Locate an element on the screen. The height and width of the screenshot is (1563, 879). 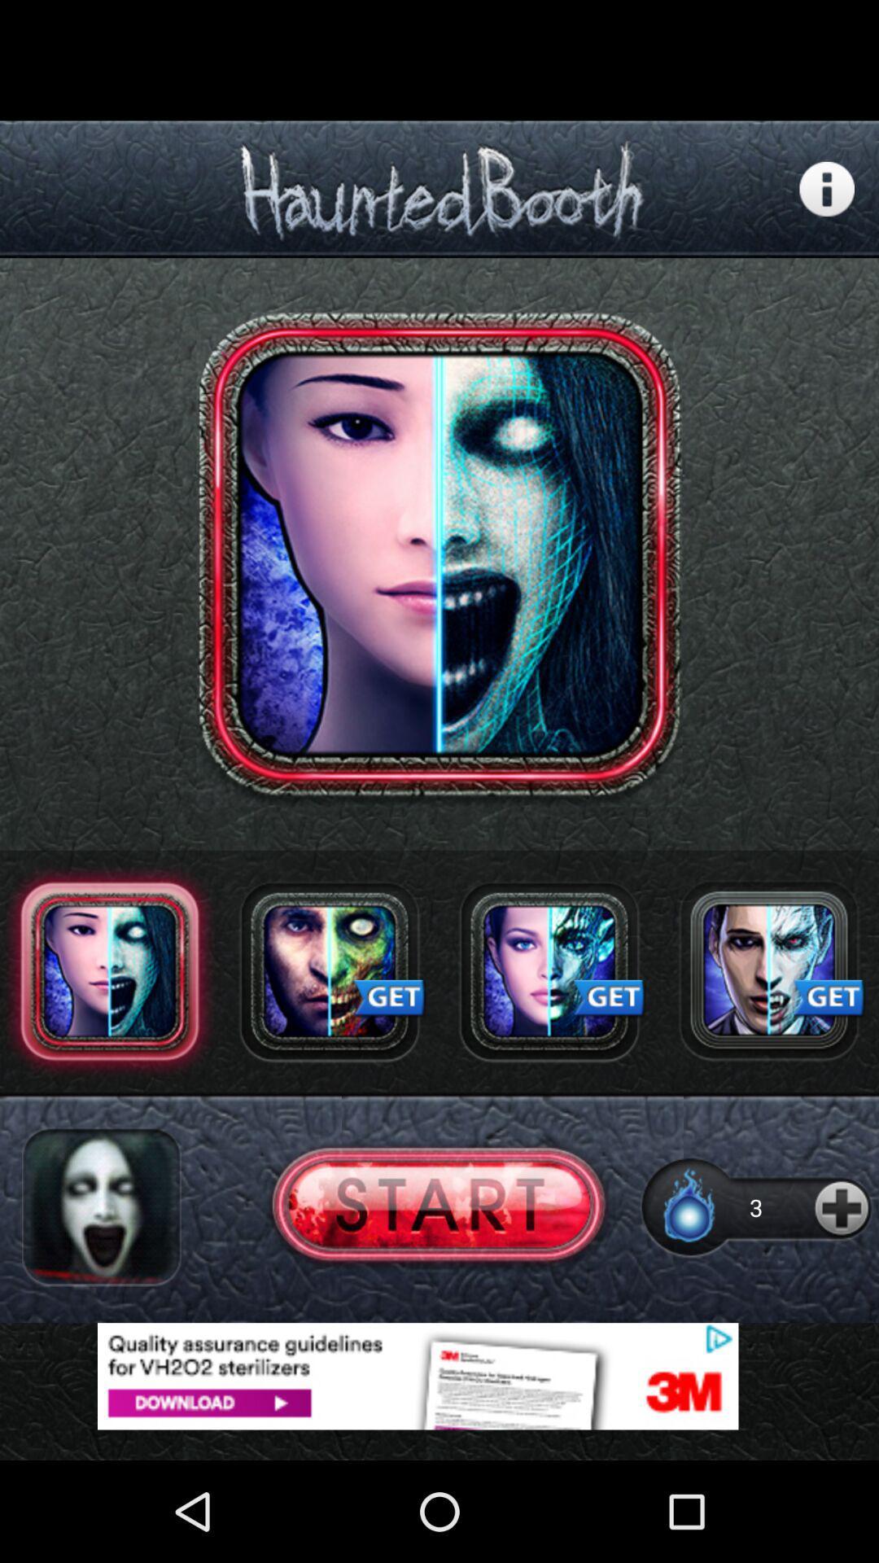
open advertisement is located at coordinates (769, 971).